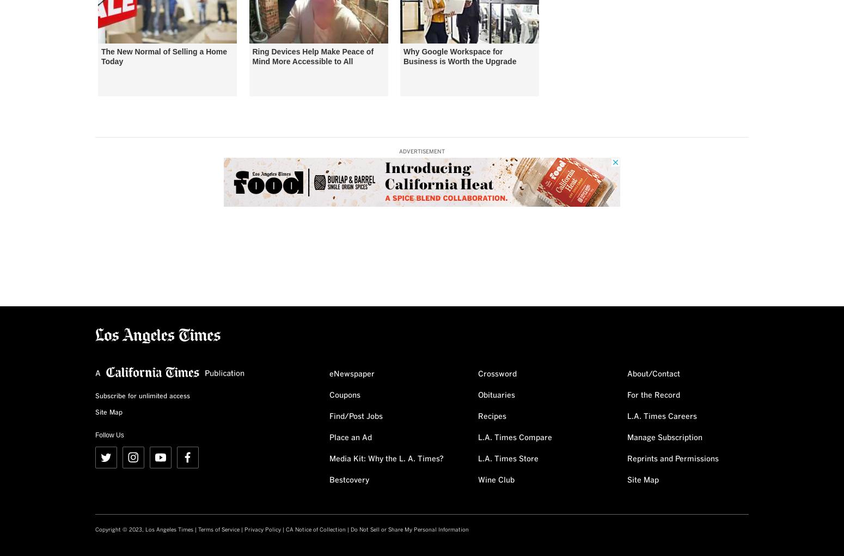 This screenshot has height=556, width=844. Describe the element at coordinates (142, 396) in the screenshot. I see `'Subscribe for unlimited access'` at that location.